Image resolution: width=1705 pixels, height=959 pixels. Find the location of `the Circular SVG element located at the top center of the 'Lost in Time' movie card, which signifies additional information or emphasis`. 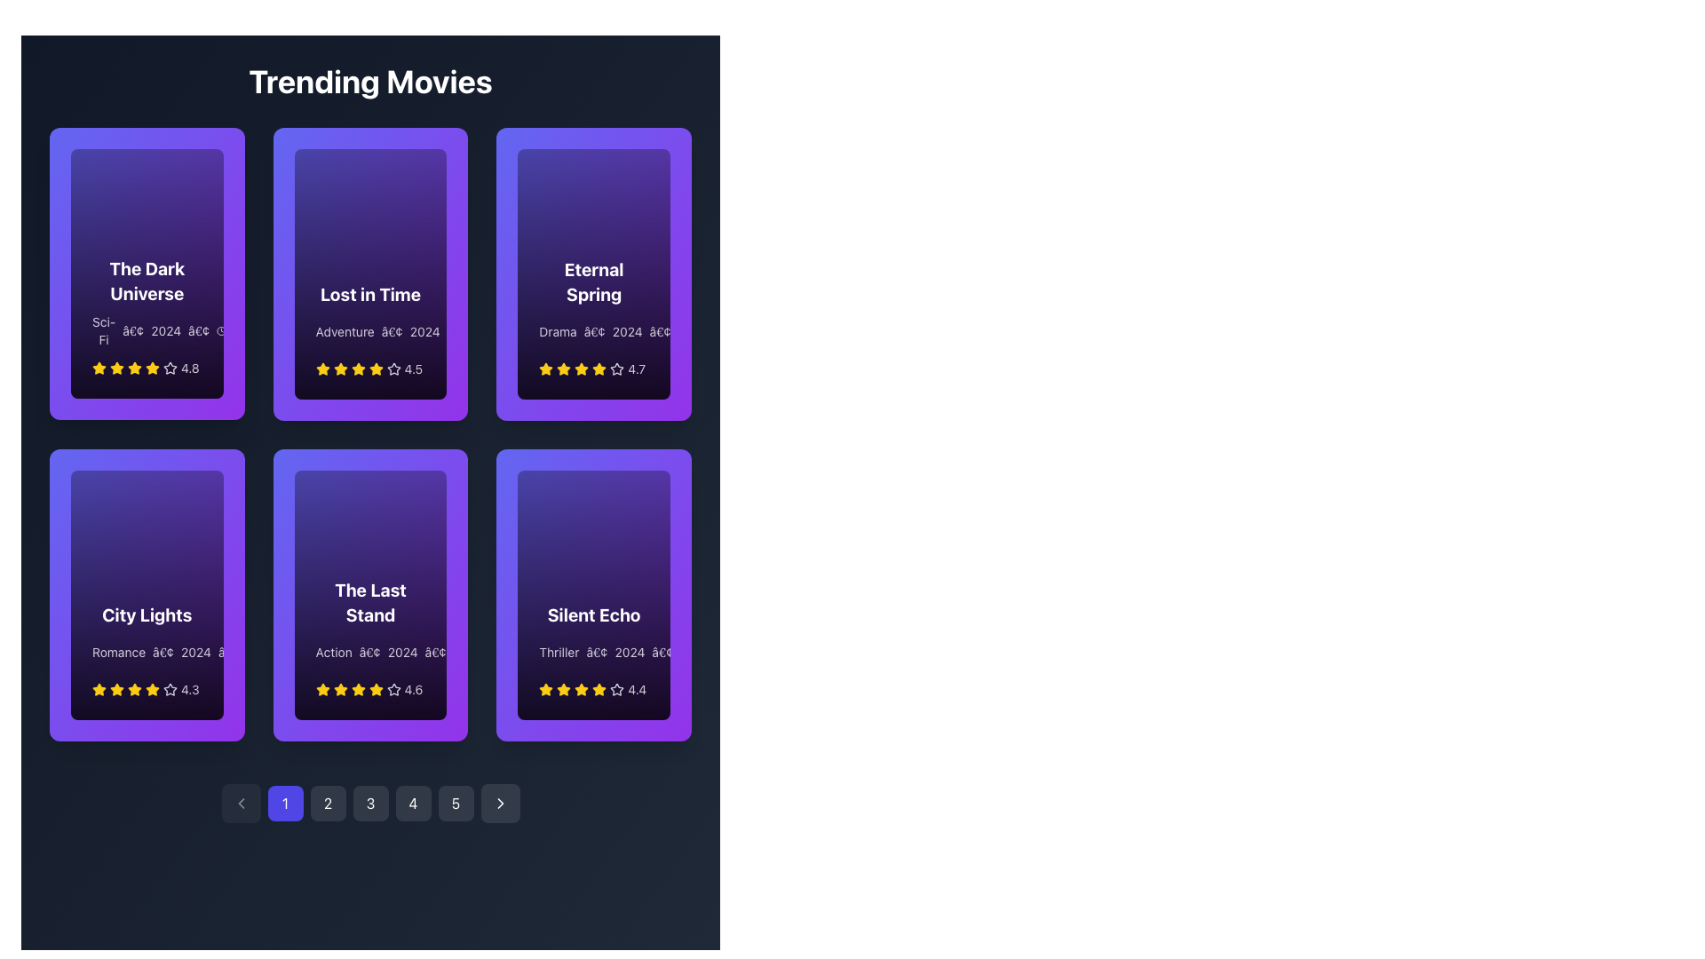

the Circular SVG element located at the top center of the 'Lost in Time' movie card, which signifies additional information or emphasis is located at coordinates (405, 164).